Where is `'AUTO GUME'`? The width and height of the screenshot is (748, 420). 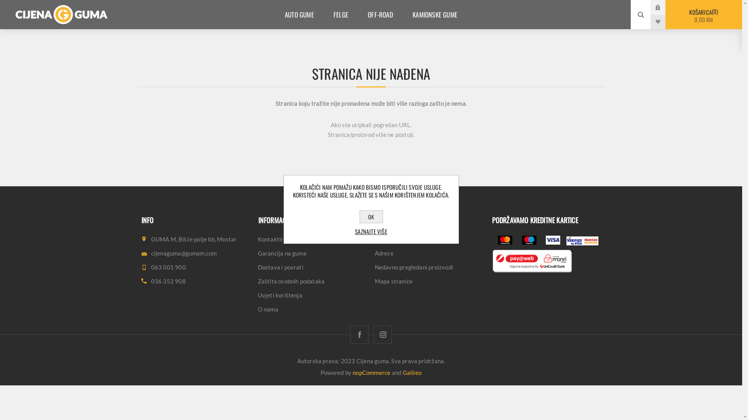
'AUTO GUME' is located at coordinates (299, 14).